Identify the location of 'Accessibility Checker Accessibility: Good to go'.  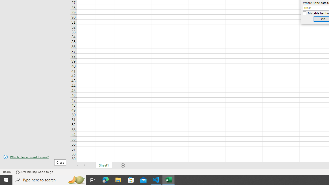
(34, 172).